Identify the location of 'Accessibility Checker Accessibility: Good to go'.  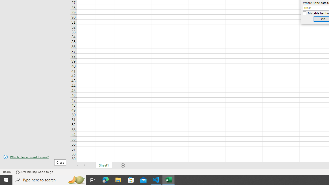
(34, 172).